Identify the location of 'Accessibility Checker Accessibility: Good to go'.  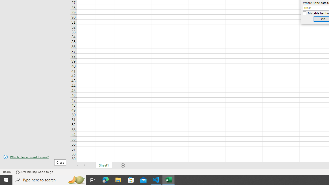
(34, 172).